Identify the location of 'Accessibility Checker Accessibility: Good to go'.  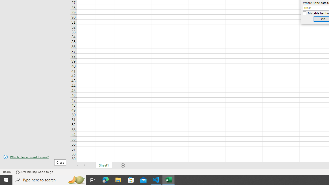
(34, 172).